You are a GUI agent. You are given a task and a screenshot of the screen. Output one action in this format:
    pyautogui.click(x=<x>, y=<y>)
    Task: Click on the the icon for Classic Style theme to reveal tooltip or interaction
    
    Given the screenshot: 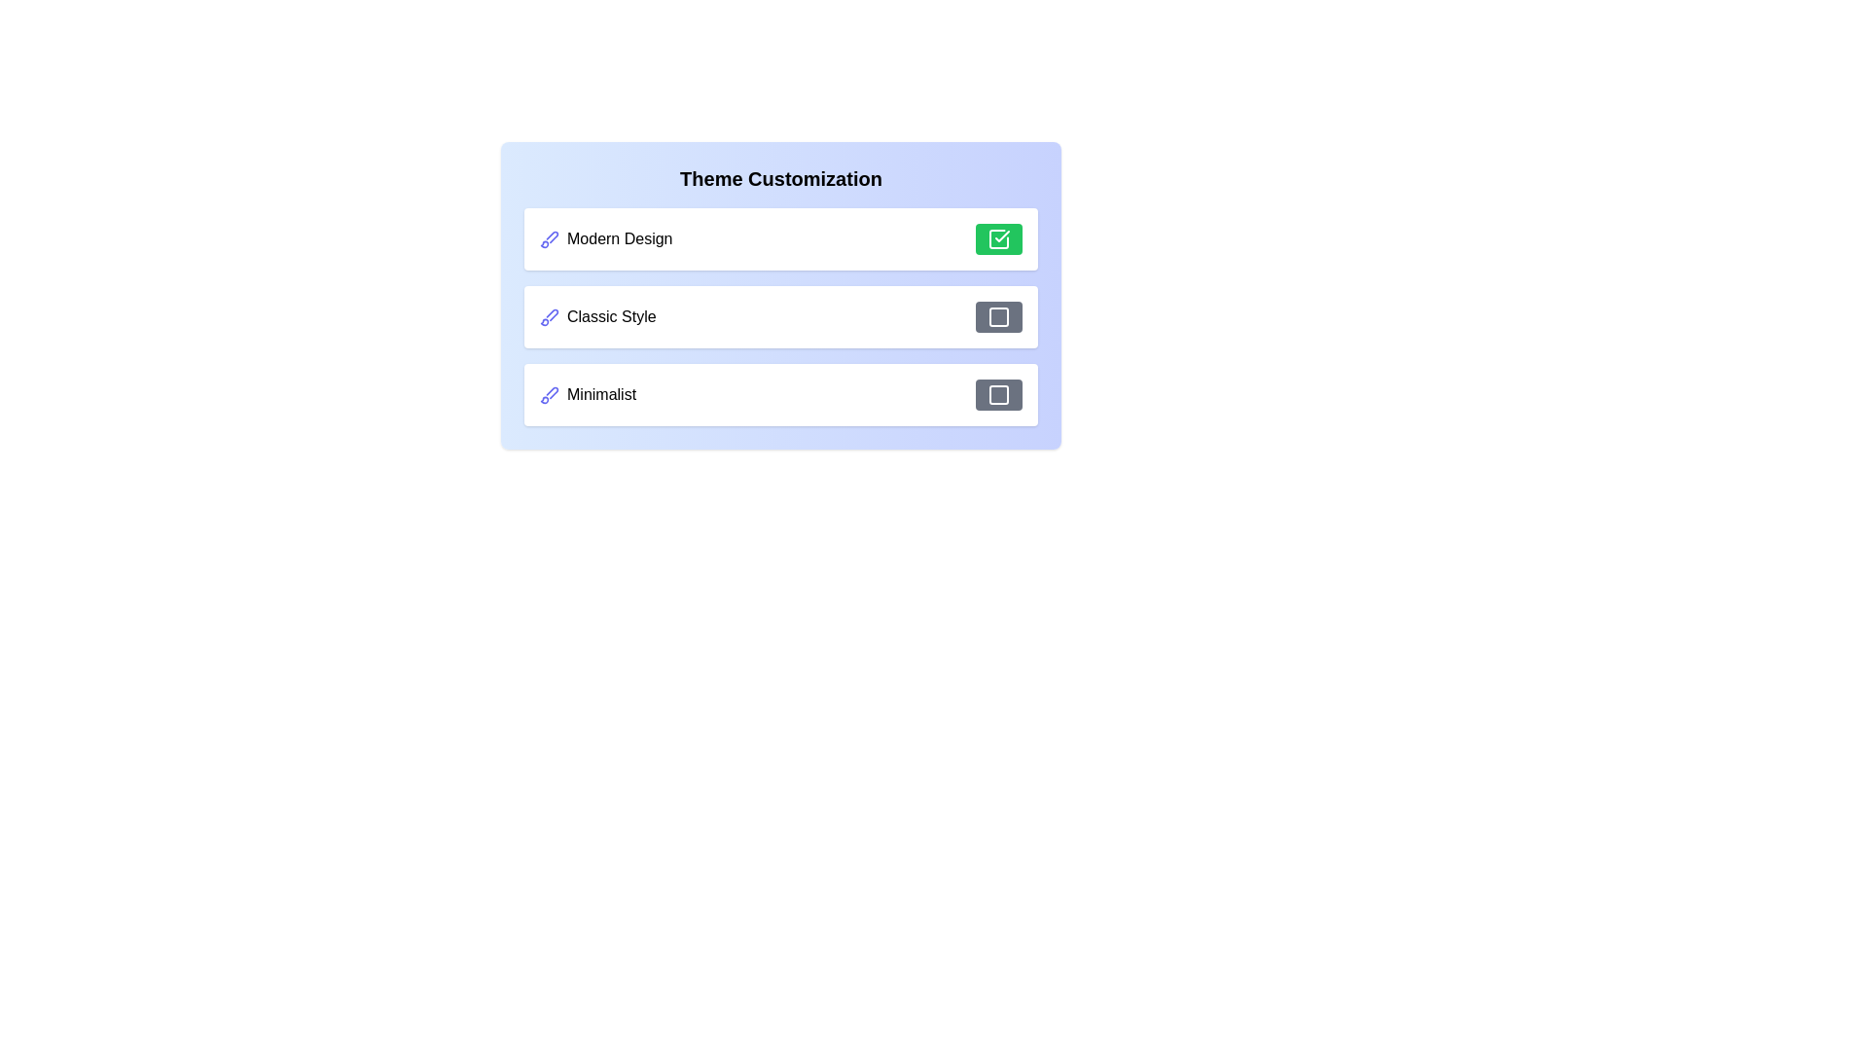 What is the action you would take?
    pyautogui.click(x=549, y=316)
    